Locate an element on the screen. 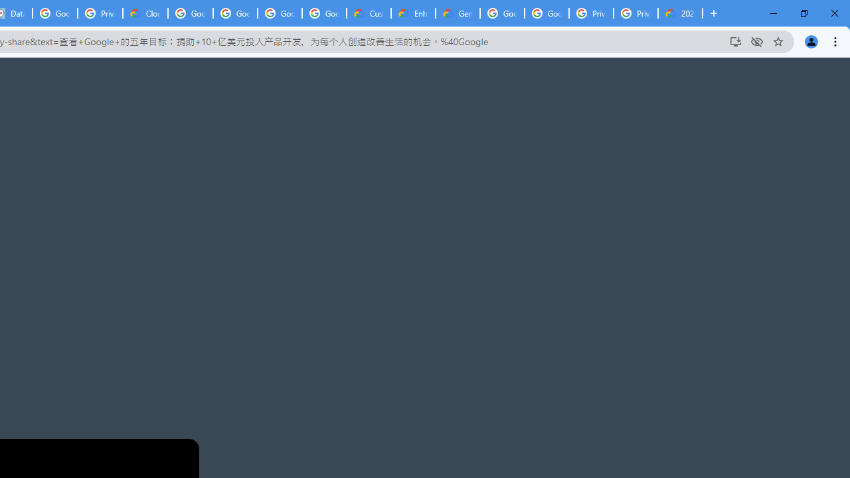  'Install X' is located at coordinates (734, 40).